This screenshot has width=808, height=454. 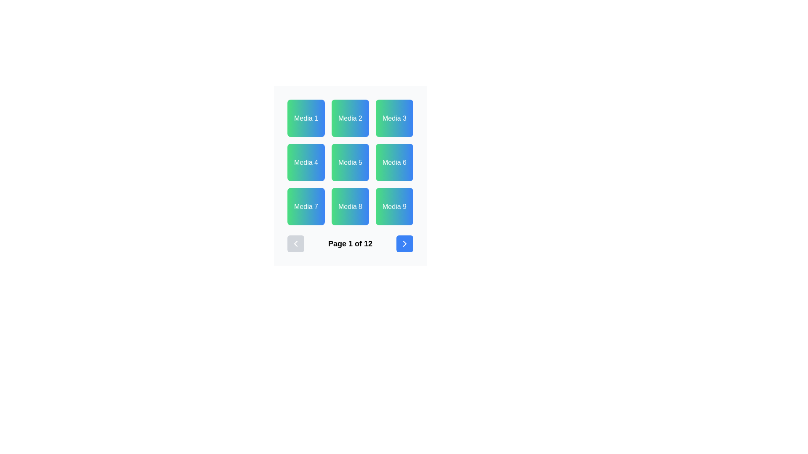 What do you see at coordinates (295, 243) in the screenshot?
I see `the Backward navigation button represented by a leftward-pointing chevron SVG graphic` at bounding box center [295, 243].